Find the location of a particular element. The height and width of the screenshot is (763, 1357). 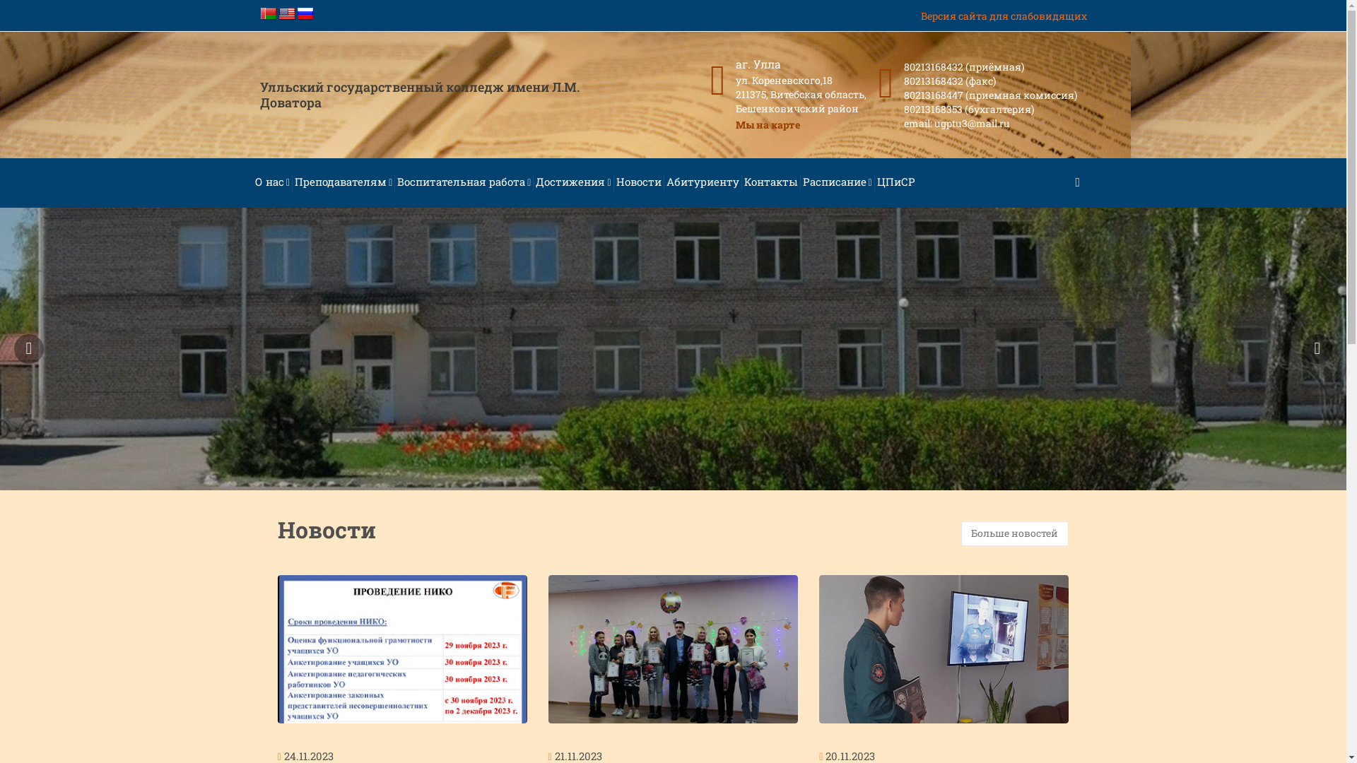

'English' is located at coordinates (286, 13).